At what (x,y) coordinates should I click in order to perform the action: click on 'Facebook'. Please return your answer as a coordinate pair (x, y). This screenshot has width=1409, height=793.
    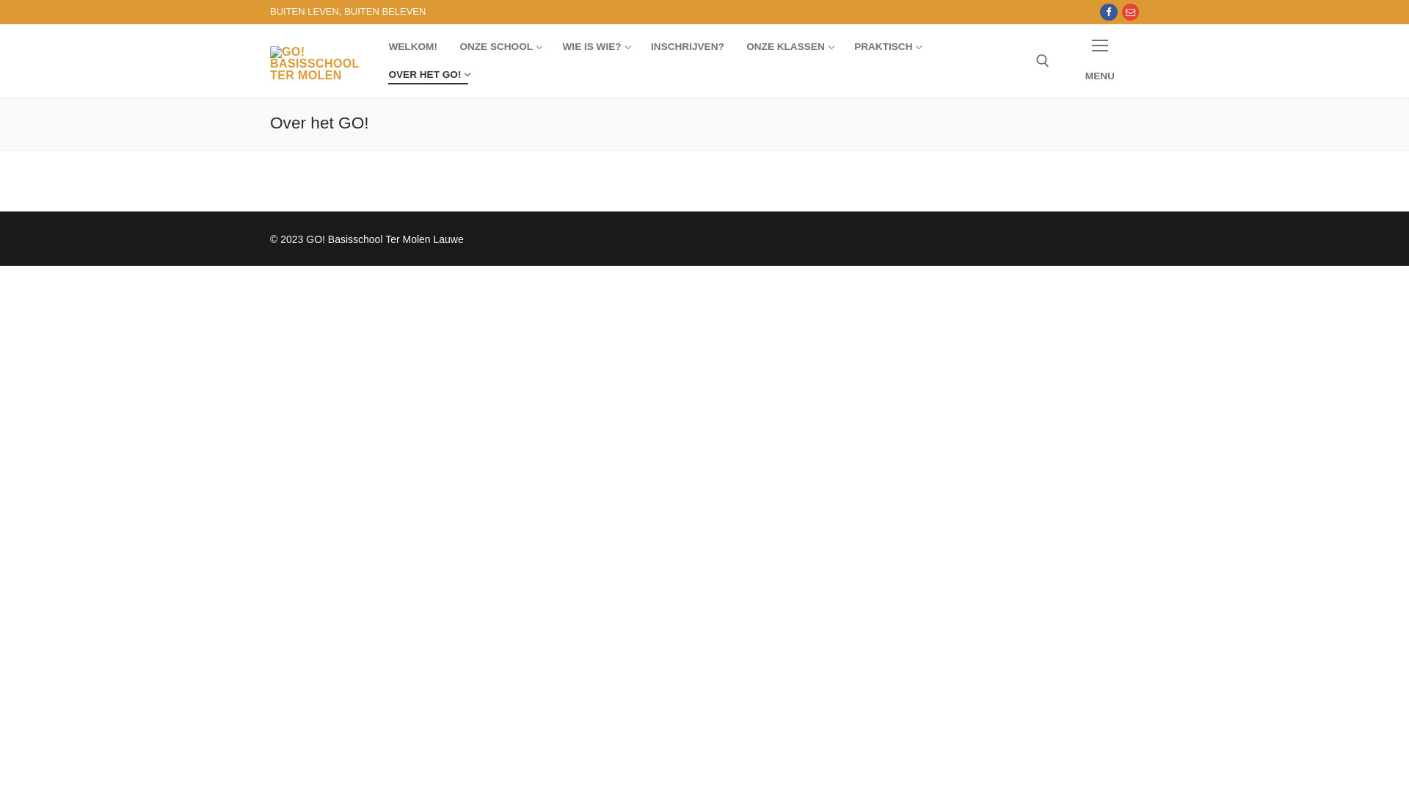
    Looking at the image, I should click on (1108, 12).